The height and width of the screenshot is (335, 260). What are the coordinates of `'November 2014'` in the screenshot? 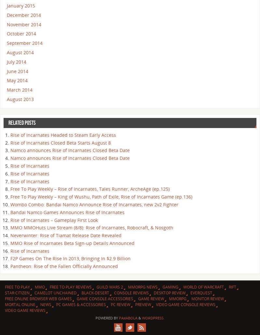 It's located at (24, 24).